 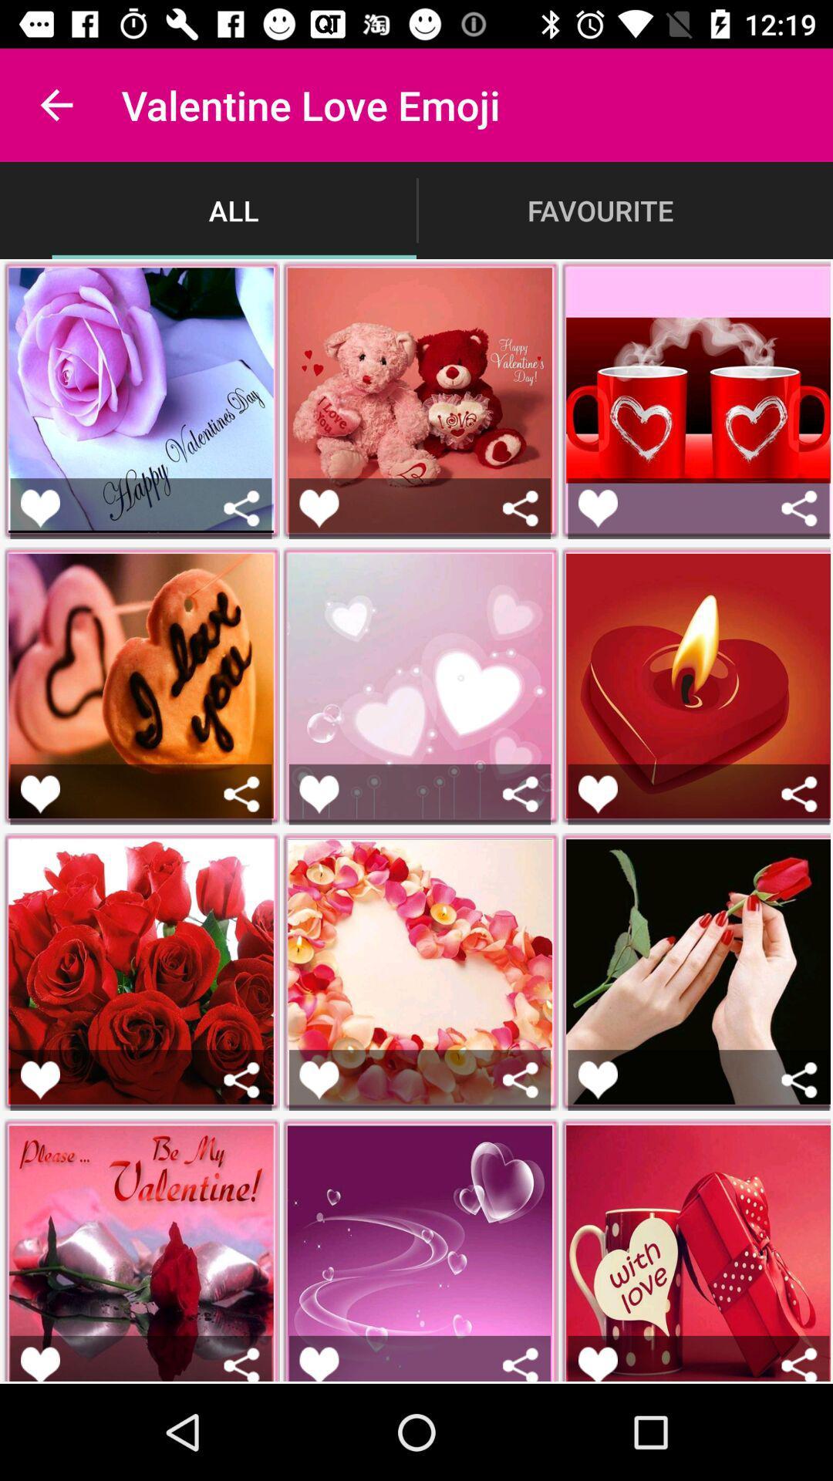 What do you see at coordinates (798, 508) in the screenshot?
I see `share` at bounding box center [798, 508].